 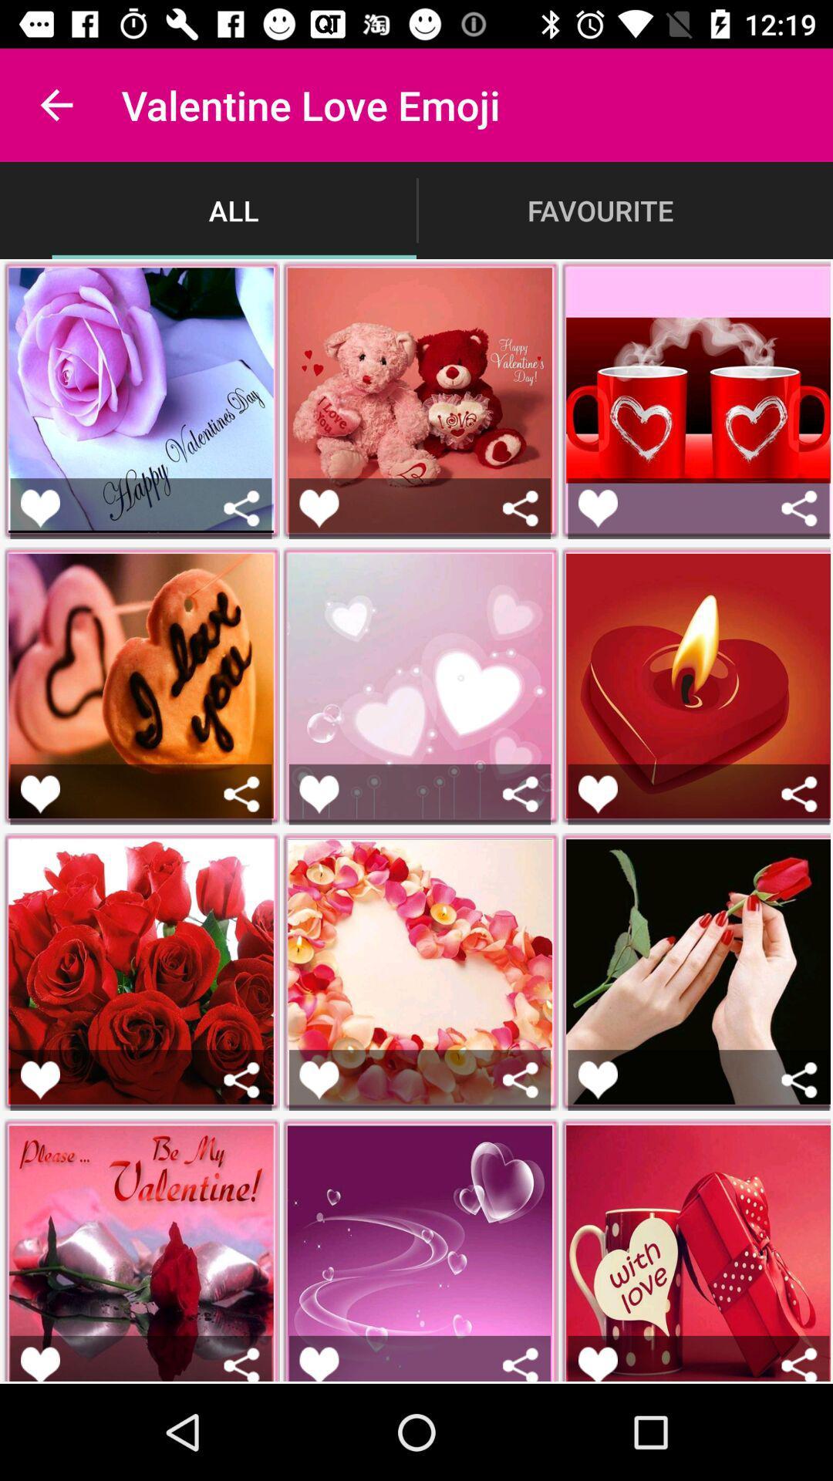 What do you see at coordinates (798, 508) in the screenshot?
I see `share` at bounding box center [798, 508].